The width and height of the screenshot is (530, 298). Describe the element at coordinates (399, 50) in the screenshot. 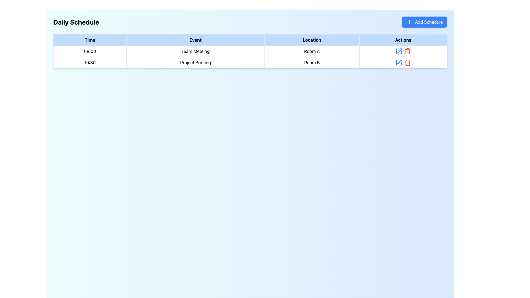

I see `the blue pen icon in the Actions column of the first row` at that location.